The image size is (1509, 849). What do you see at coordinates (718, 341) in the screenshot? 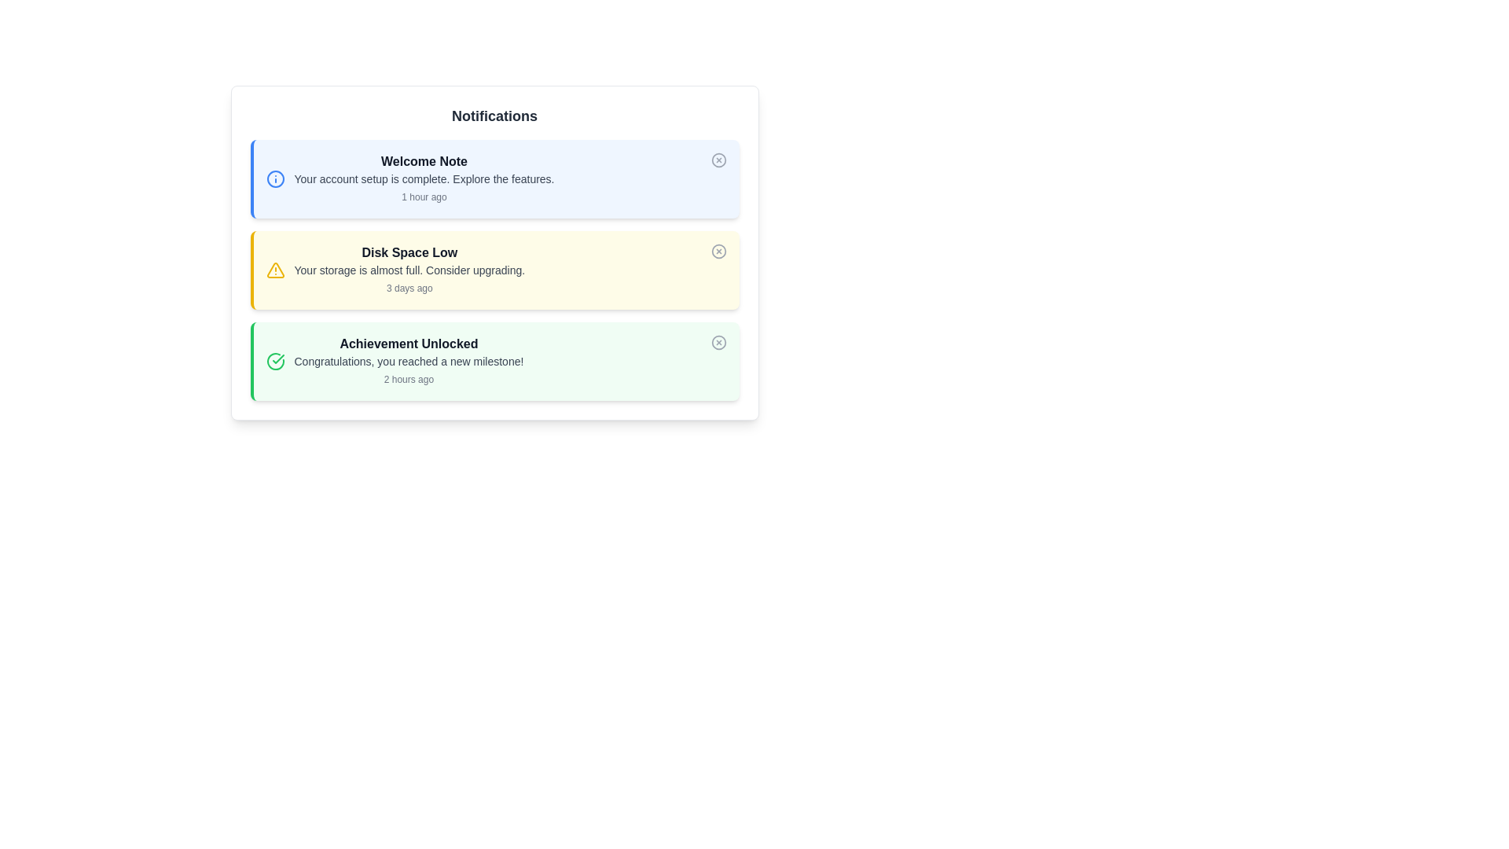
I see `the dismissal button for the 'Achievement Unlocked' notification to change its color` at bounding box center [718, 341].